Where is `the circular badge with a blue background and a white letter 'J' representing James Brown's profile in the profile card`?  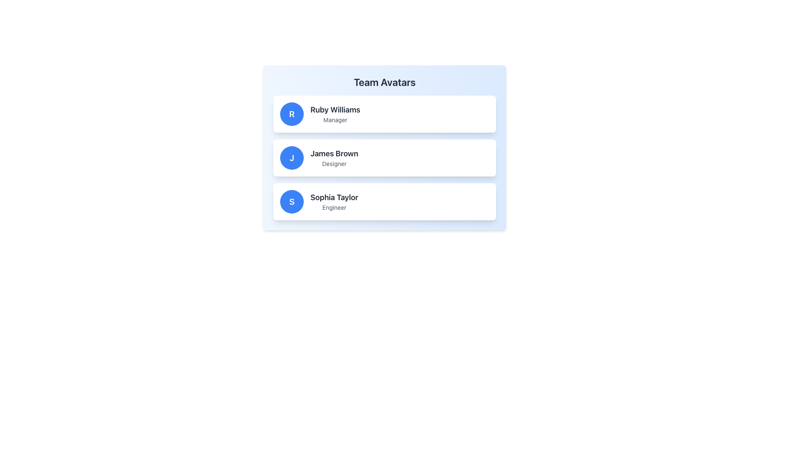
the circular badge with a blue background and a white letter 'J' representing James Brown's profile in the profile card is located at coordinates (292, 158).